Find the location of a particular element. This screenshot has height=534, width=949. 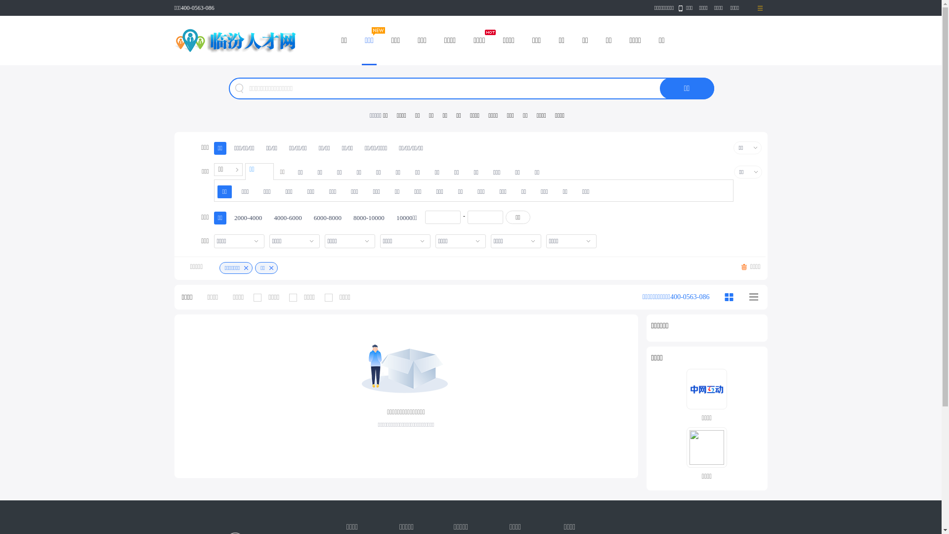

'2000-4000' is located at coordinates (248, 217).